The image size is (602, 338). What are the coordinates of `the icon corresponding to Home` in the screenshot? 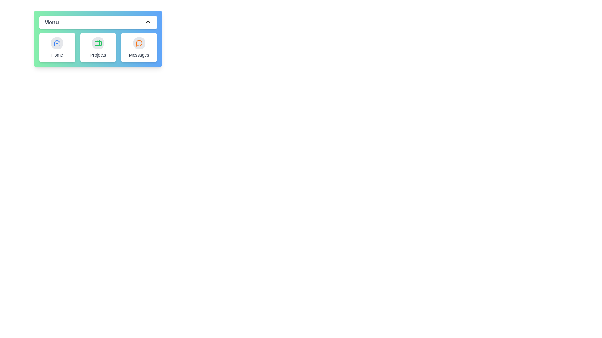 It's located at (57, 43).